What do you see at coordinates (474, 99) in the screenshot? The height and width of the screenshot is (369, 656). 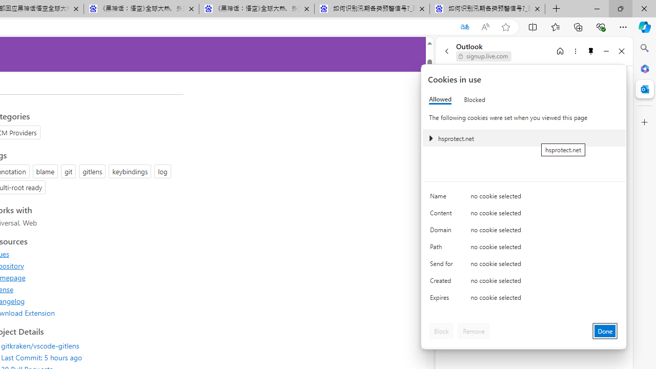 I see `'Blocked'` at bounding box center [474, 99].